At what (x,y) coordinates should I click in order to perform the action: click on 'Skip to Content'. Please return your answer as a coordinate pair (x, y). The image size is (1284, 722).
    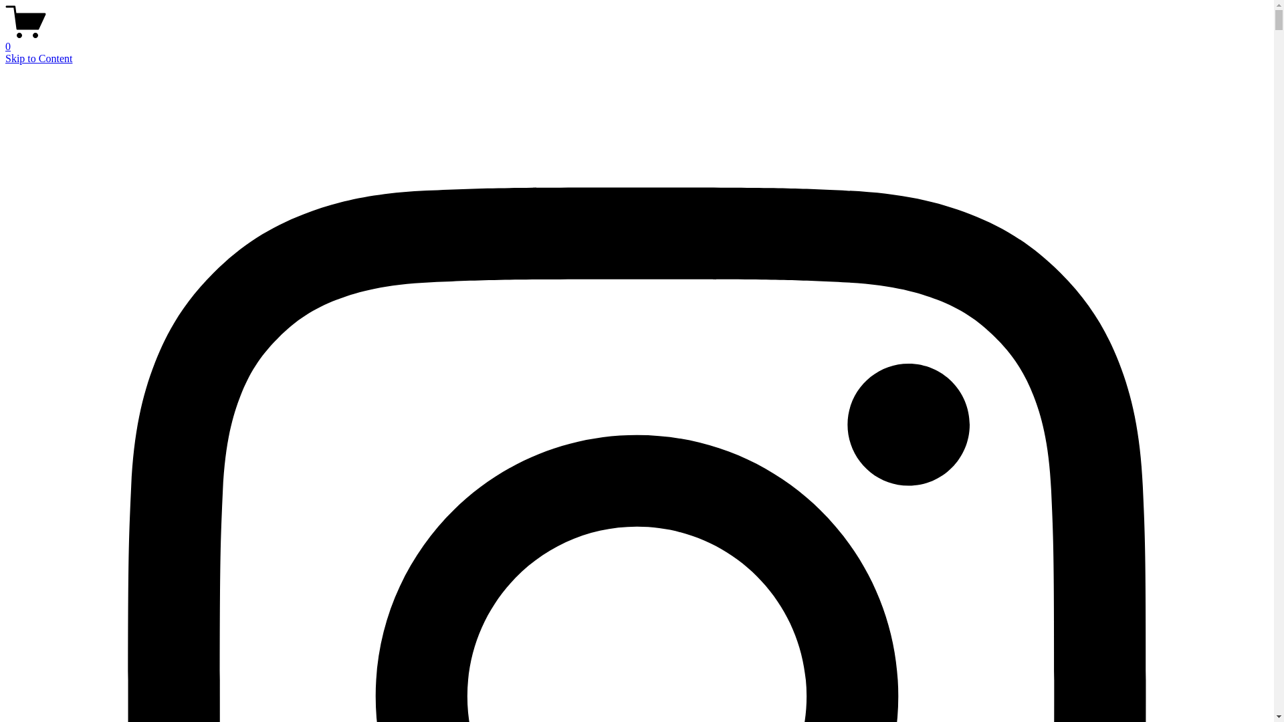
    Looking at the image, I should click on (38, 57).